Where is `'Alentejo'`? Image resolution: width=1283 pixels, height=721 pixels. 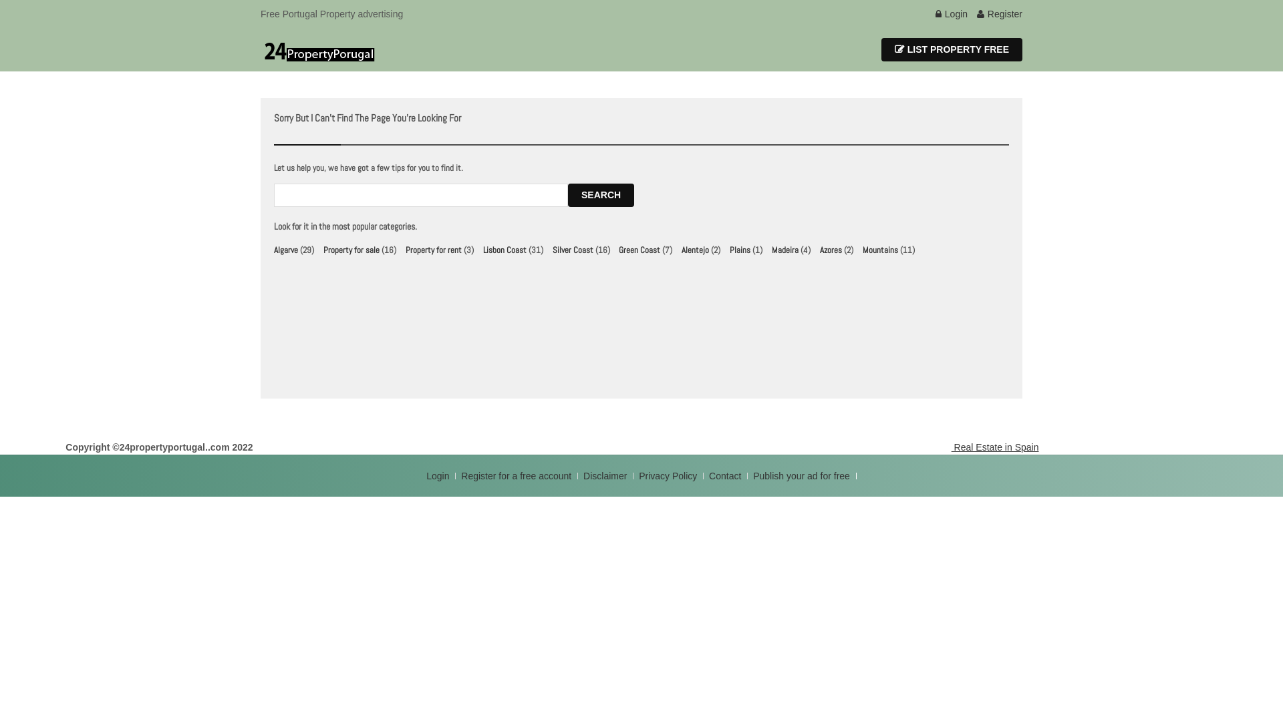 'Alentejo' is located at coordinates (695, 250).